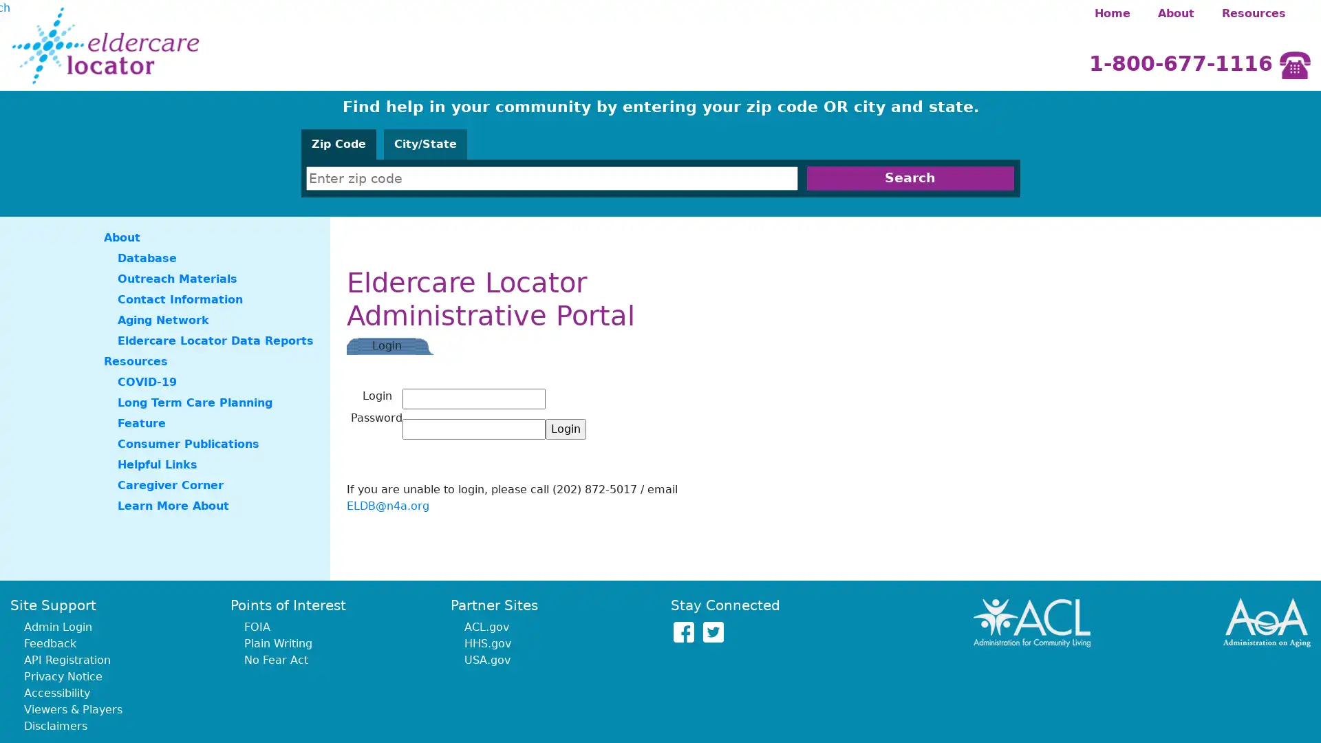  Describe the element at coordinates (565, 428) in the screenshot. I see `Login` at that location.